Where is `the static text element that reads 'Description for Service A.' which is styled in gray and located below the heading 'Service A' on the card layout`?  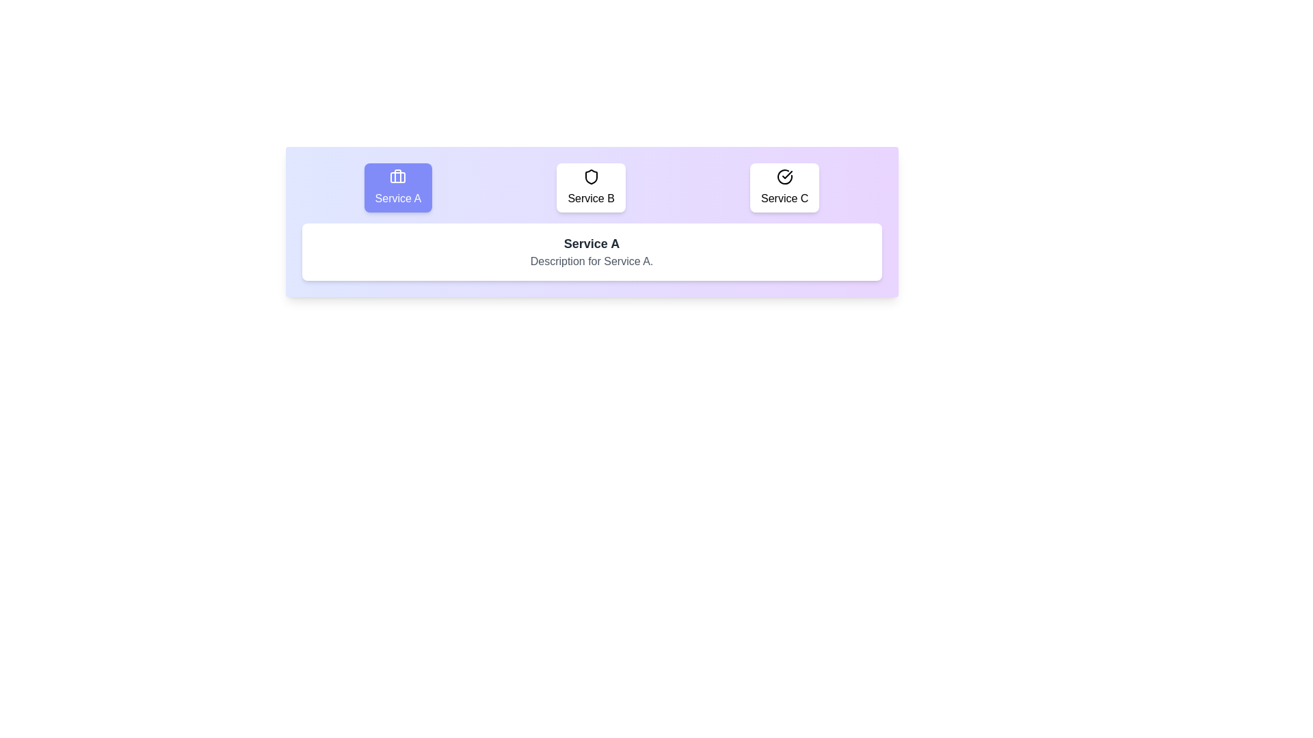 the static text element that reads 'Description for Service A.' which is styled in gray and located below the heading 'Service A' on the card layout is located at coordinates (592, 261).